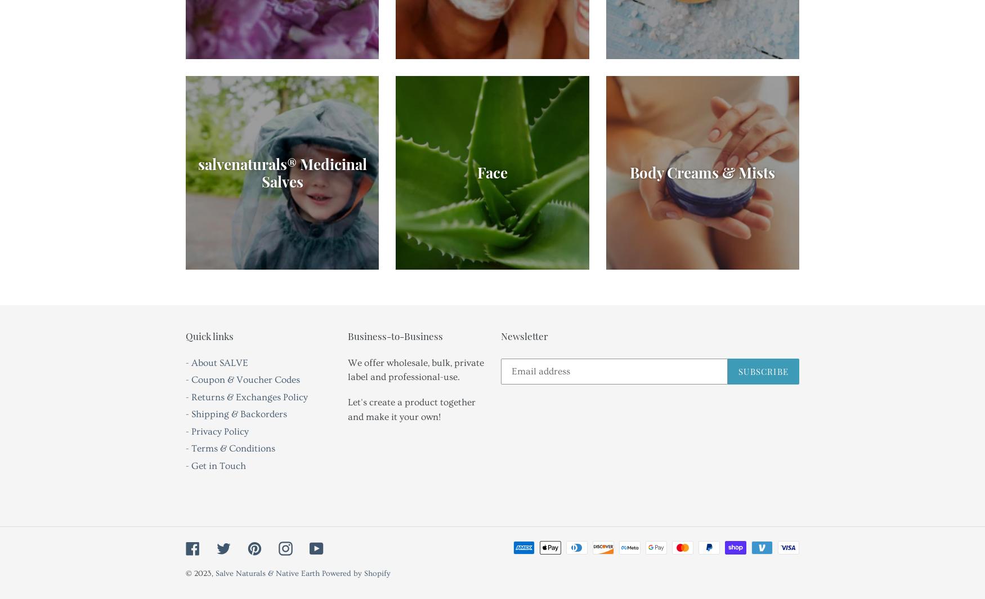 The width and height of the screenshot is (985, 599). I want to click on 'We offer wholesale, bulk, private label and professional-use.', so click(415, 369).